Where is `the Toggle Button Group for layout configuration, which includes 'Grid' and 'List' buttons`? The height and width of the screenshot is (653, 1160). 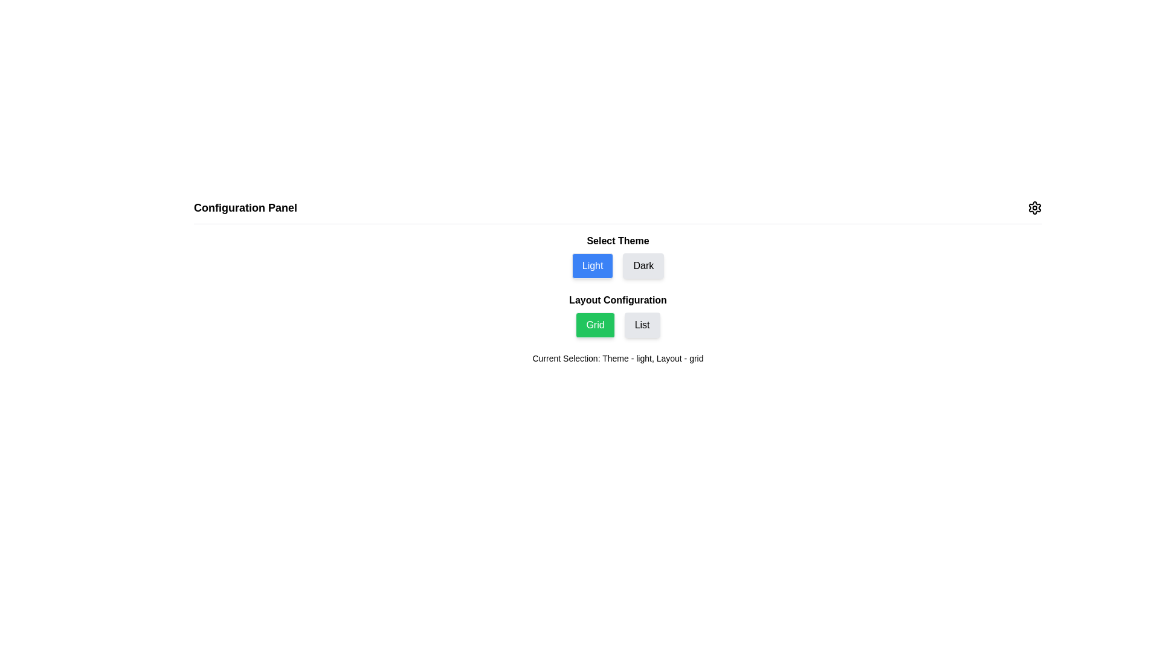
the Toggle Button Group for layout configuration, which includes 'Grid' and 'List' buttons is located at coordinates (617, 314).